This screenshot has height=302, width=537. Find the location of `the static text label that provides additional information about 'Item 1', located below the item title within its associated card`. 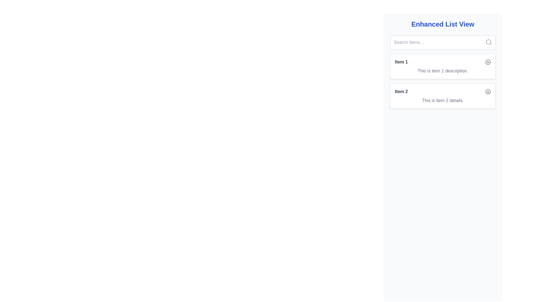

the static text label that provides additional information about 'Item 1', located below the item title within its associated card is located at coordinates (442, 71).